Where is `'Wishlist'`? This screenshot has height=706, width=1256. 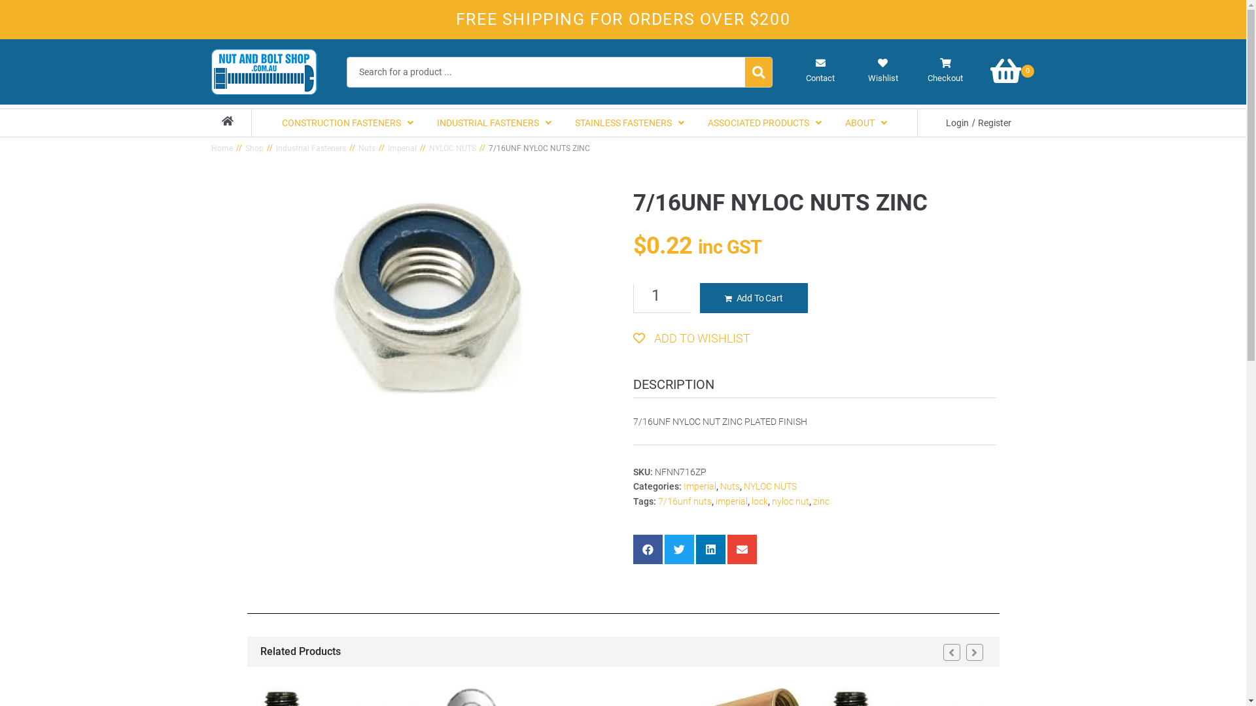
'Wishlist' is located at coordinates (882, 71).